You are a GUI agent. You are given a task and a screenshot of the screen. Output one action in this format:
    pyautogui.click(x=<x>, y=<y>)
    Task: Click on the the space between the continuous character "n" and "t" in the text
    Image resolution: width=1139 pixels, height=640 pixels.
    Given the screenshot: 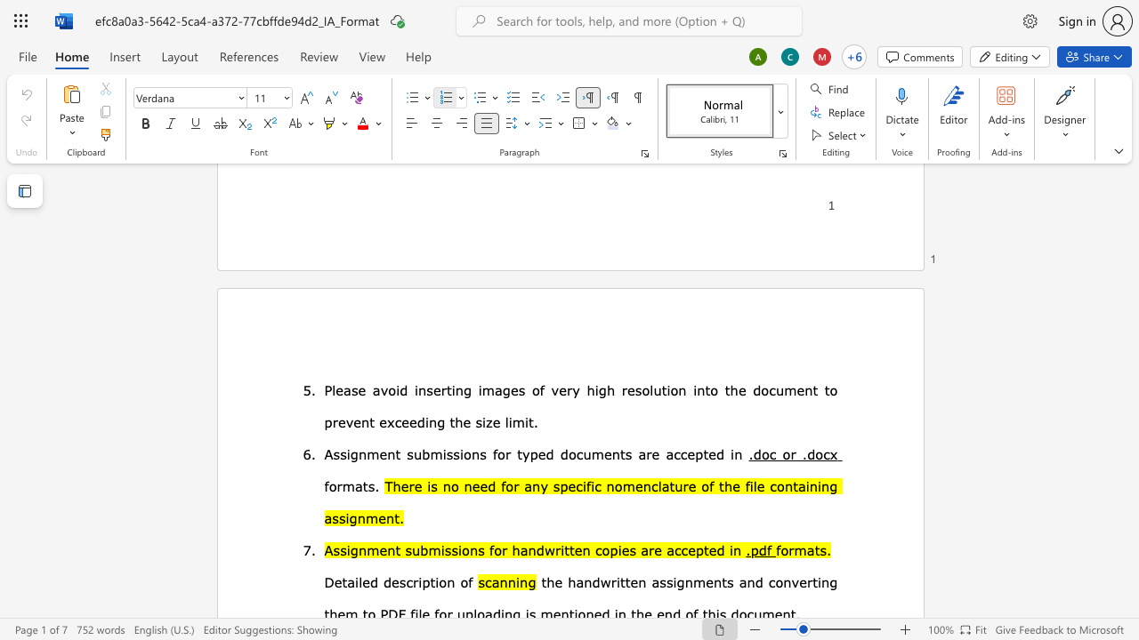 What is the action you would take?
    pyautogui.click(x=393, y=452)
    